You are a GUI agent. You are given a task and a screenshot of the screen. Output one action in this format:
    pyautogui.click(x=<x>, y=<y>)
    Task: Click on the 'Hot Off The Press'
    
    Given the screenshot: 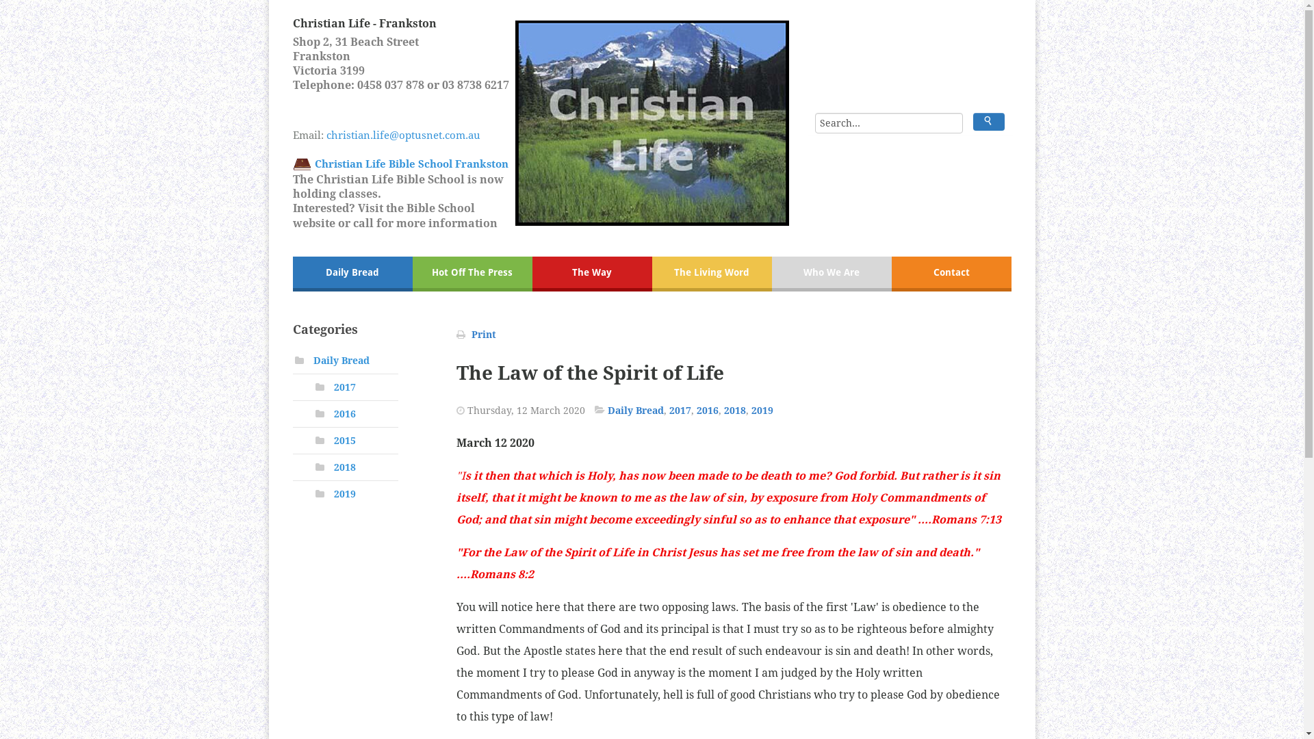 What is the action you would take?
    pyautogui.click(x=472, y=274)
    